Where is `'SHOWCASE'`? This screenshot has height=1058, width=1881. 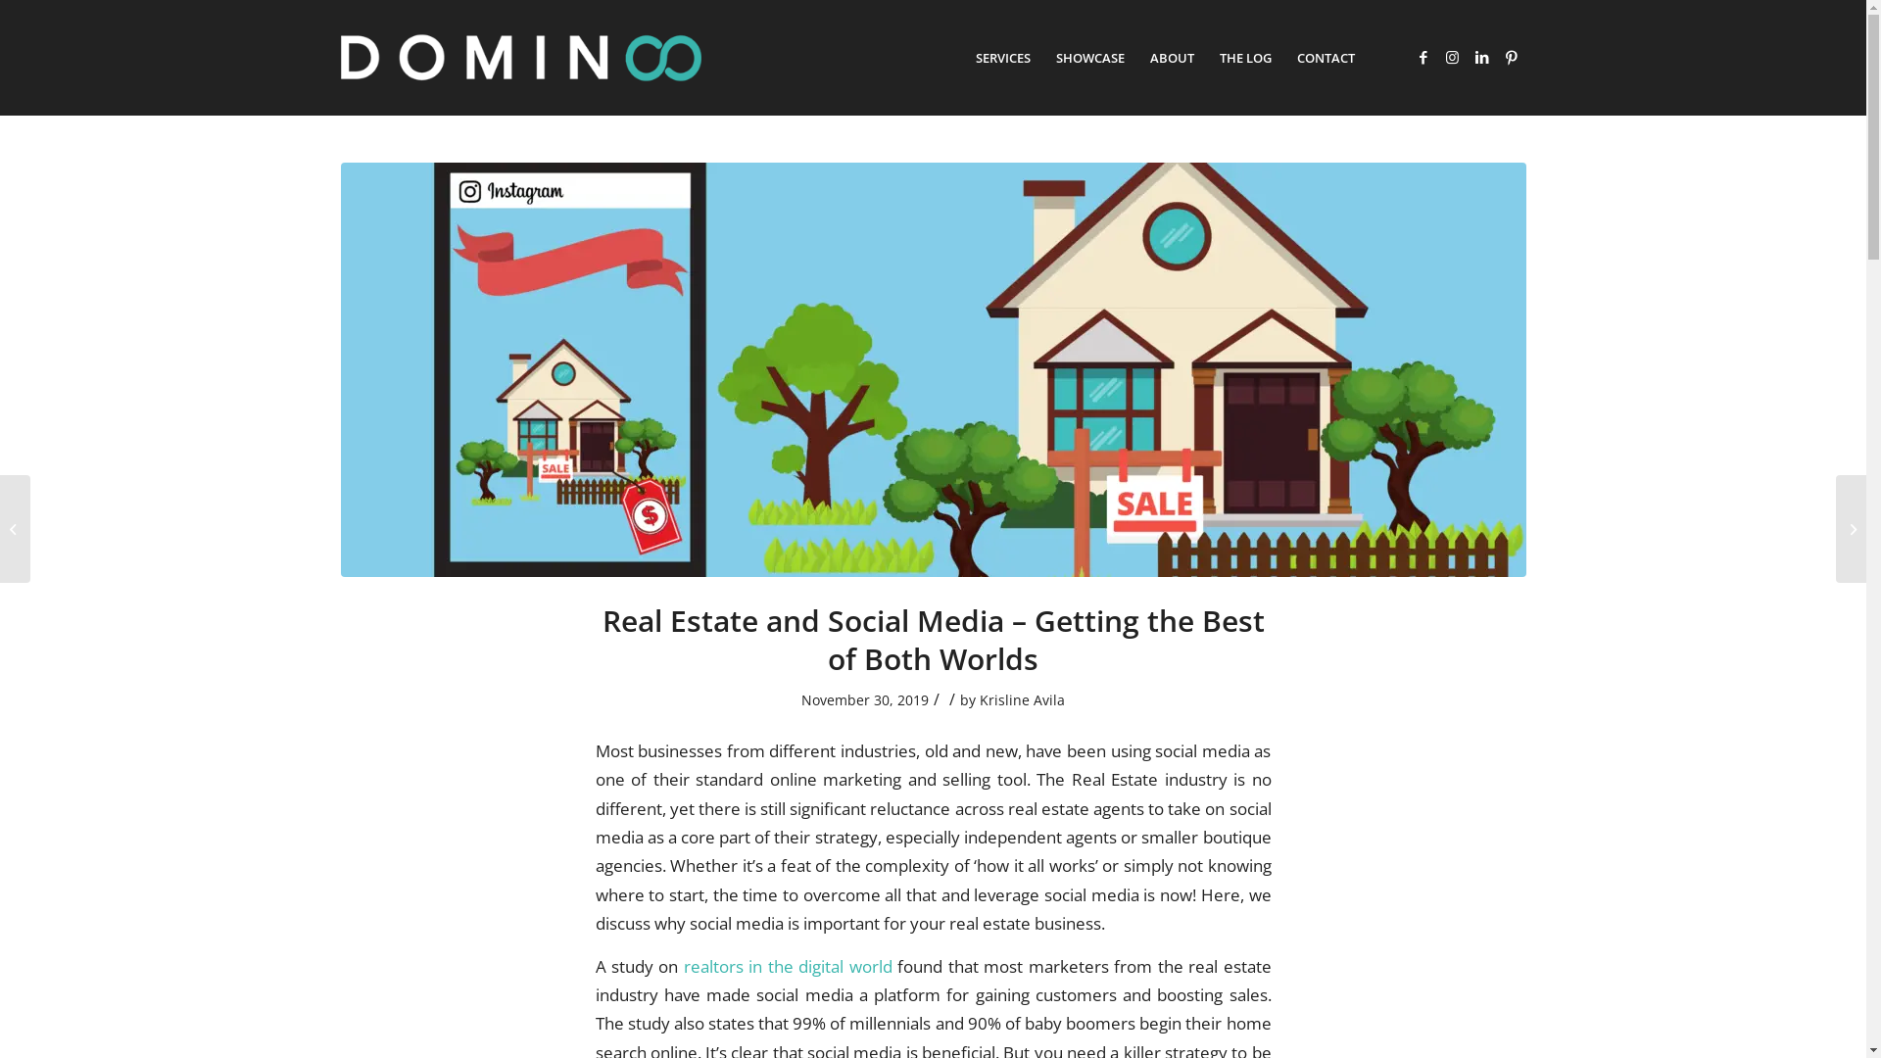 'SHOWCASE' is located at coordinates (1088, 56).